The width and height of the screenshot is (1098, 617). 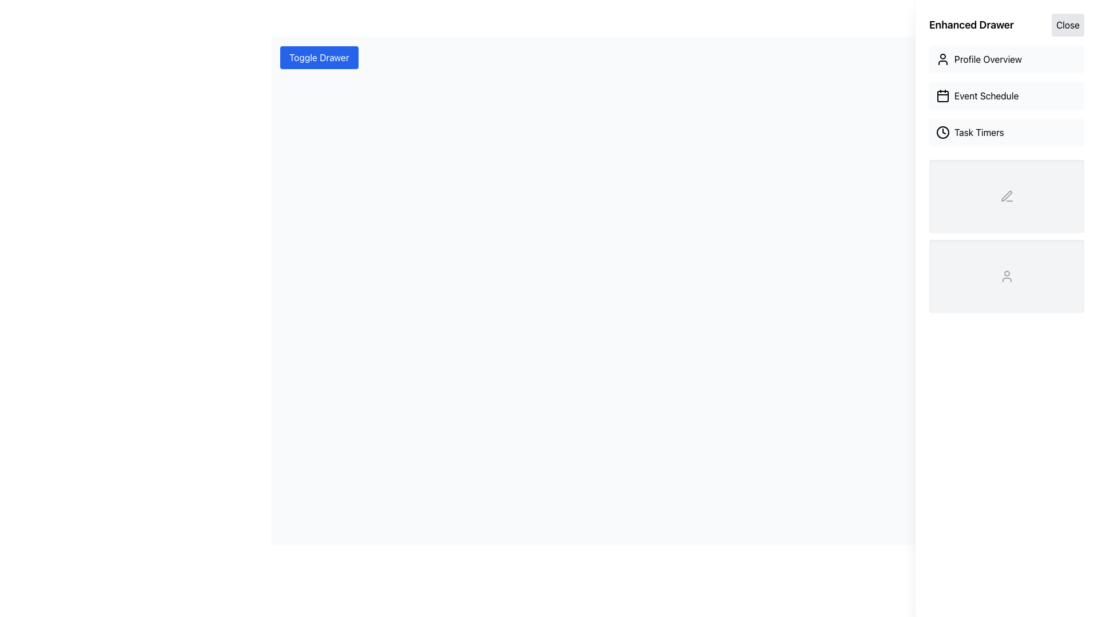 I want to click on the navigation button for 'Profile Overview' located at the top of the sidebar, so click(x=1006, y=59).